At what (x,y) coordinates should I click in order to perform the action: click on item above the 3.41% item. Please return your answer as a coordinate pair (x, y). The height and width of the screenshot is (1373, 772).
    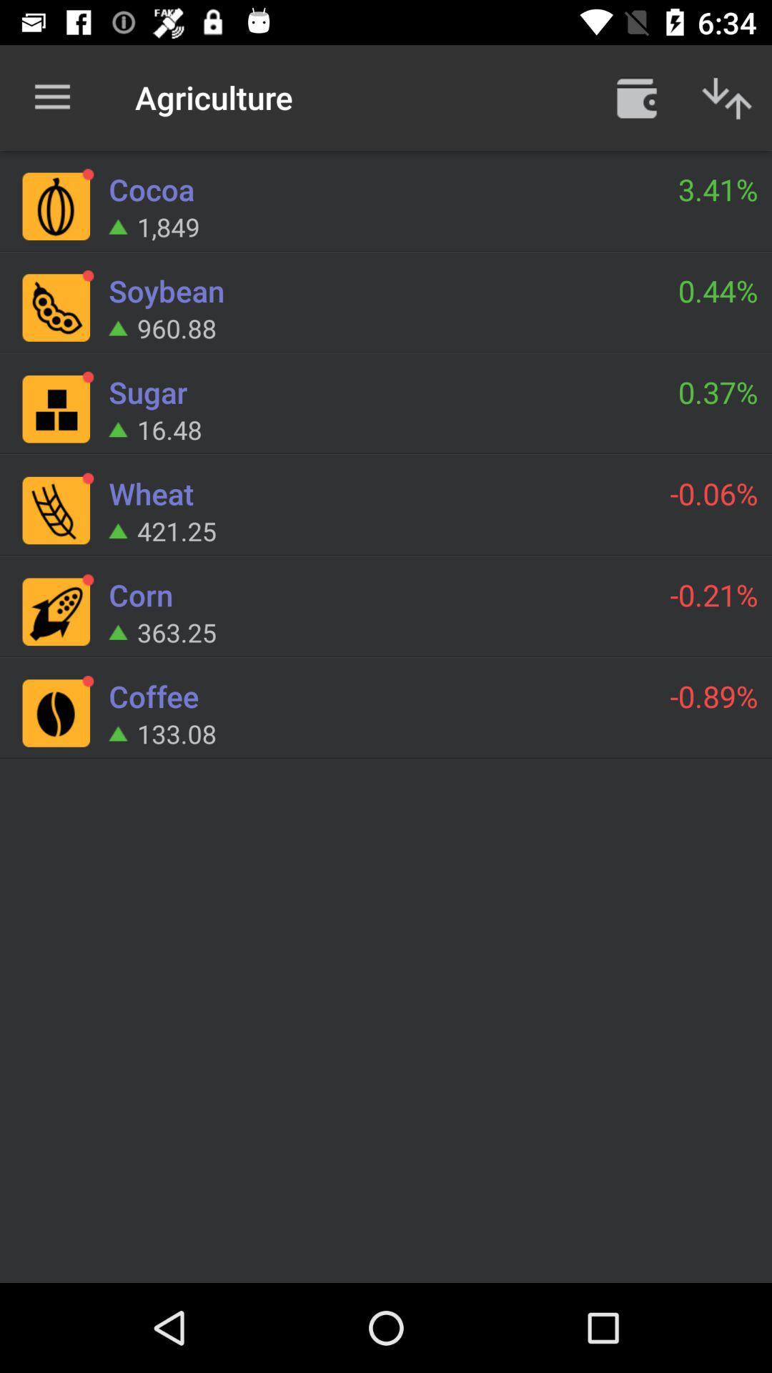
    Looking at the image, I should click on (727, 97).